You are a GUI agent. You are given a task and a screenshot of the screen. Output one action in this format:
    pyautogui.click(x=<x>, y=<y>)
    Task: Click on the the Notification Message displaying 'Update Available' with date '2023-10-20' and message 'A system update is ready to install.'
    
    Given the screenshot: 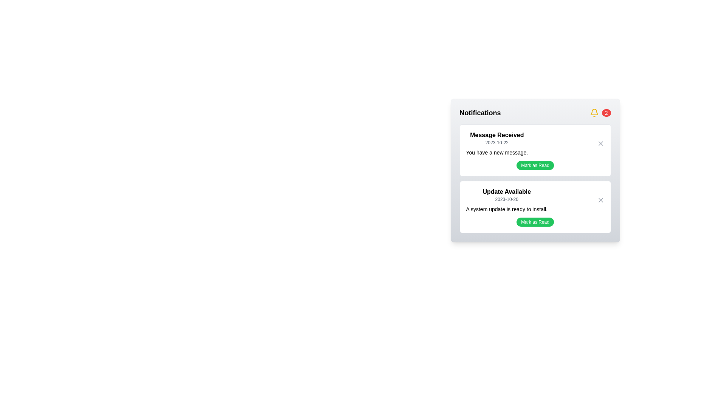 What is the action you would take?
    pyautogui.click(x=535, y=199)
    